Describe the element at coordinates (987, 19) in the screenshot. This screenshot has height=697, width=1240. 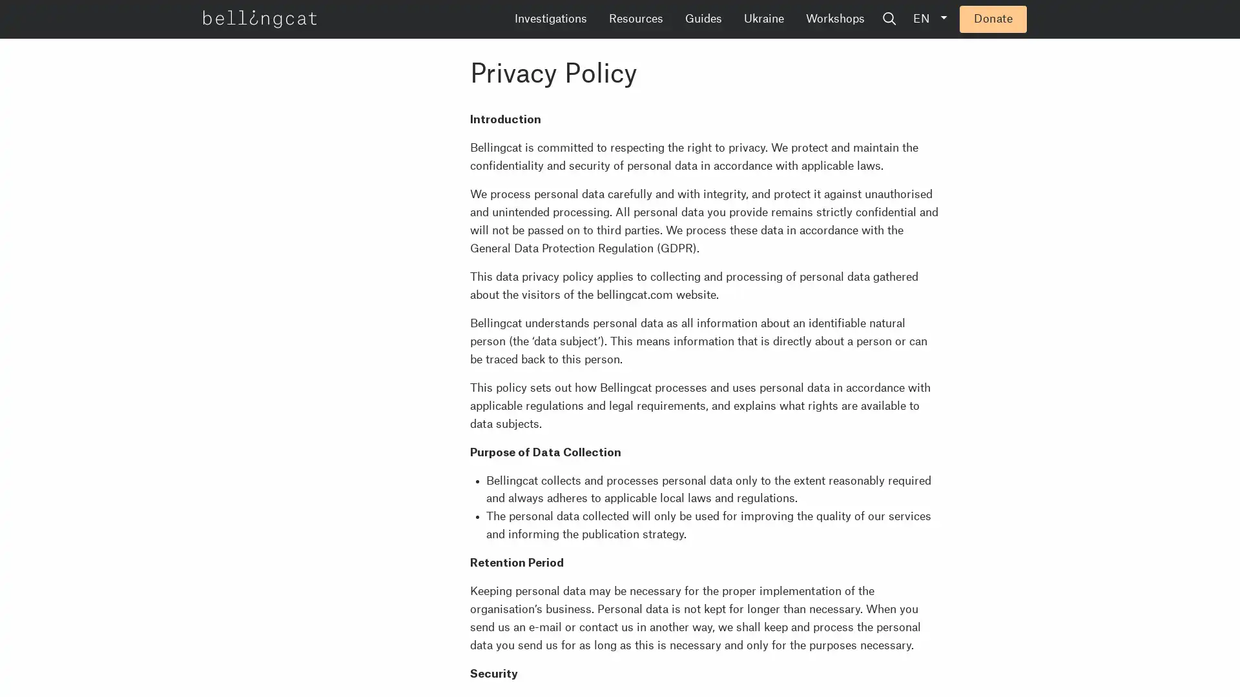
I see `Search` at that location.